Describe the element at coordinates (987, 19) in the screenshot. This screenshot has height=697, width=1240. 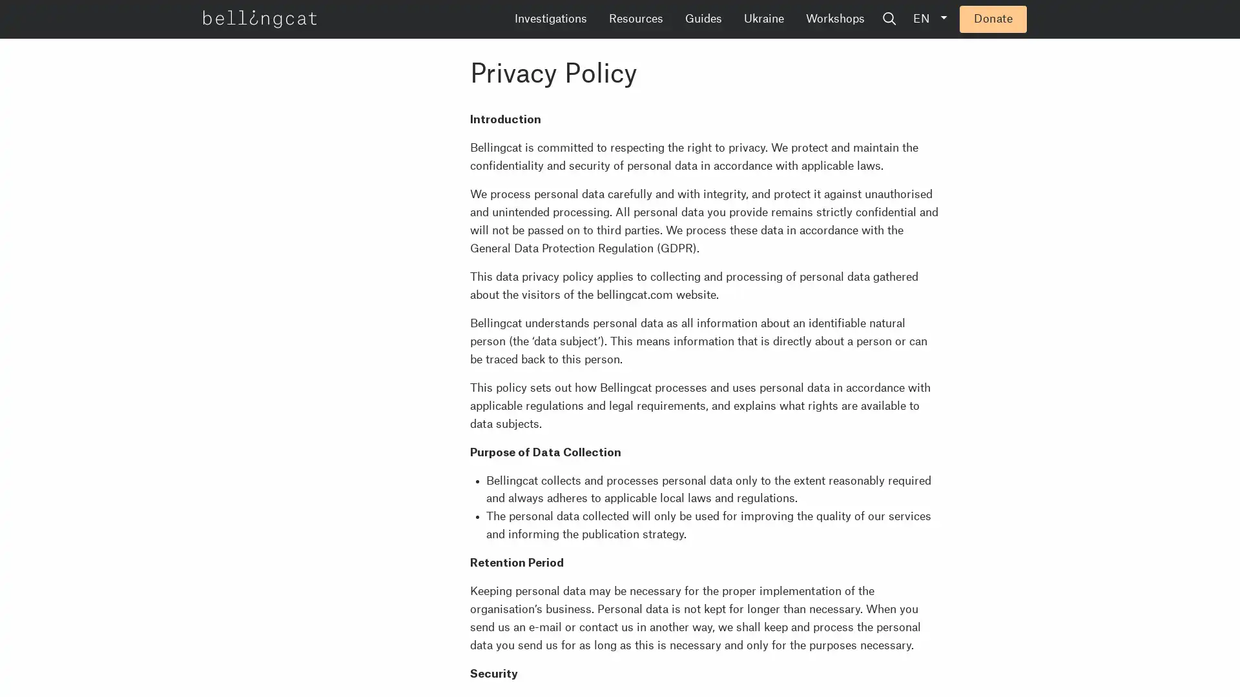
I see `Search` at that location.